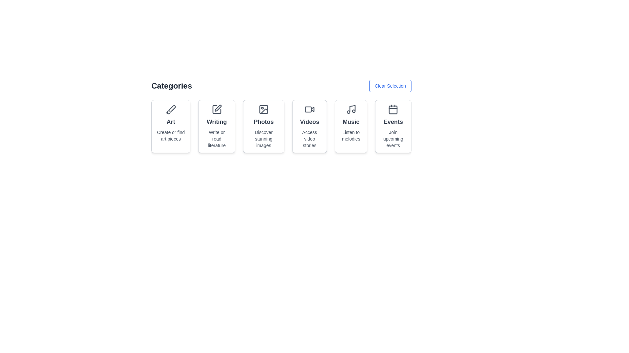  I want to click on the graphical component representing the 'Photos' category within the icon layout, so click(264, 109).